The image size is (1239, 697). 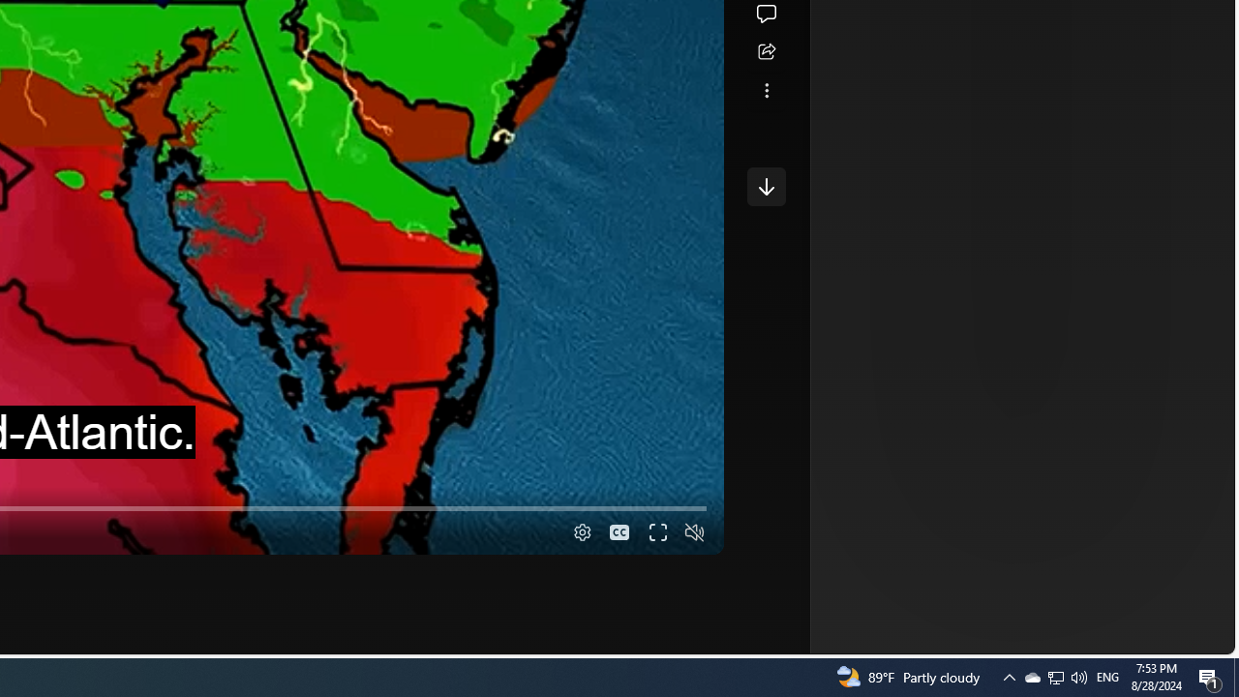 I want to click on 'Captions', so click(x=619, y=532).